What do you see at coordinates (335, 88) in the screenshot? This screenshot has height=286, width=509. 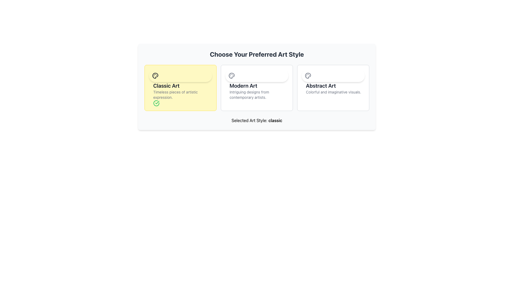 I see `the text display element featuring the title 'Abstract Art' and description 'Colorful and imaginative visuals.'` at bounding box center [335, 88].